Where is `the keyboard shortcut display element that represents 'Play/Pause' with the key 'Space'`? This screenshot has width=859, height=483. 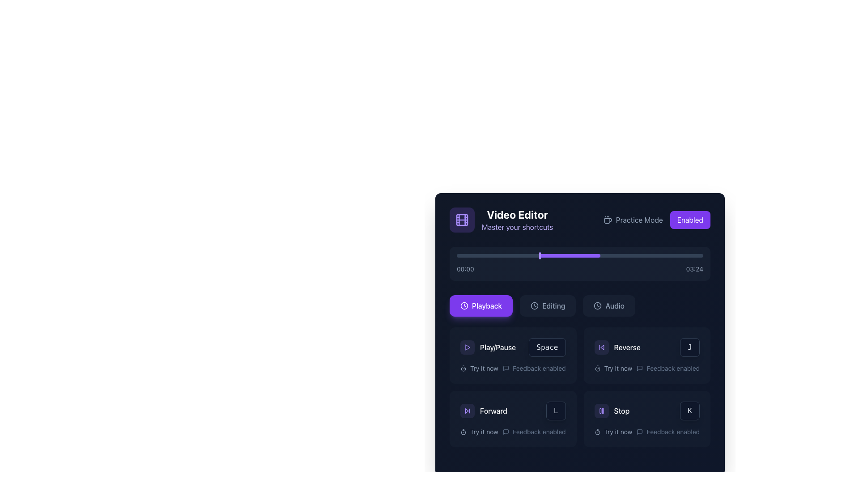 the keyboard shortcut display element that represents 'Play/Pause' with the key 'Space' is located at coordinates (513, 347).